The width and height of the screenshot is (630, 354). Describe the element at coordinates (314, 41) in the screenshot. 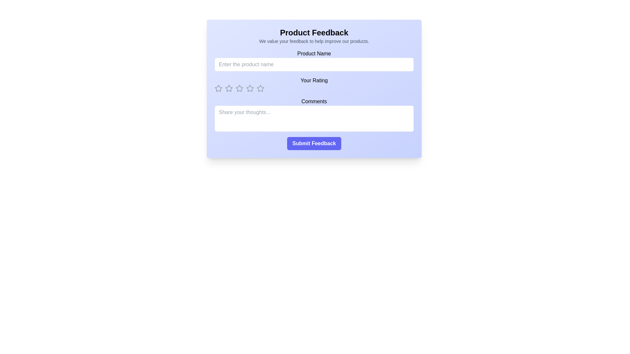

I see `the static text element displaying the message 'We value your feedback to help improve our products.', which is located directly beneath the 'Product Feedback' title` at that location.